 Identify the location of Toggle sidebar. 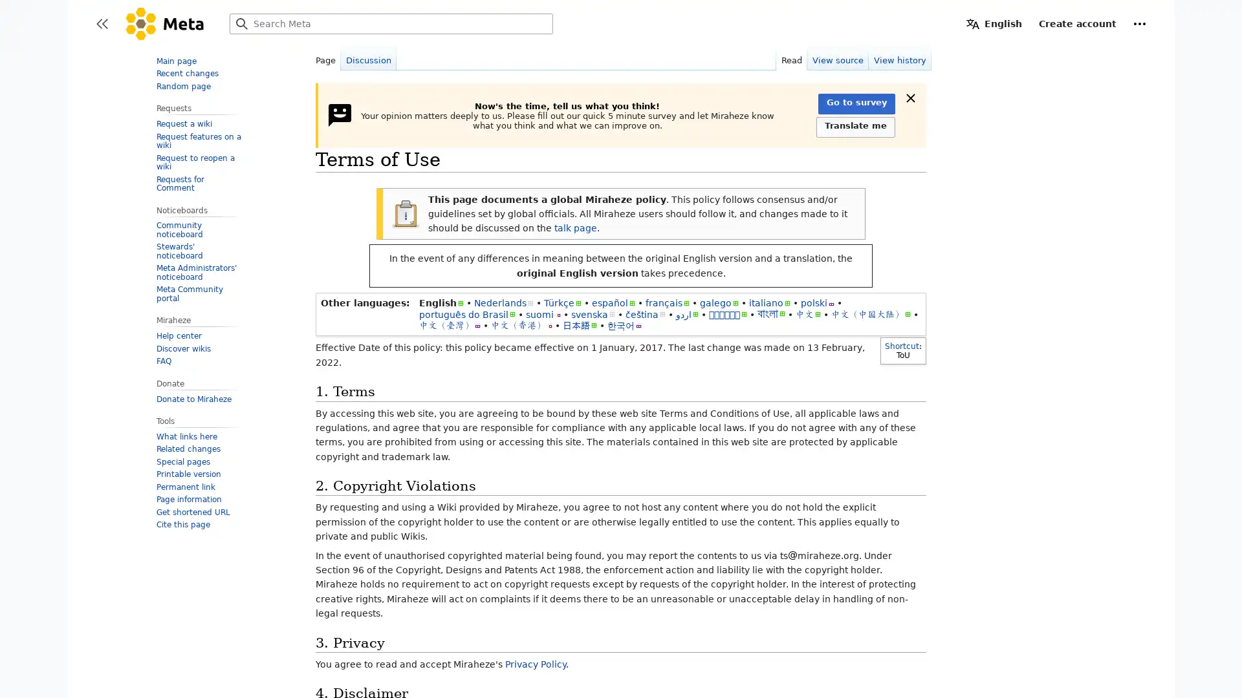
(102, 24).